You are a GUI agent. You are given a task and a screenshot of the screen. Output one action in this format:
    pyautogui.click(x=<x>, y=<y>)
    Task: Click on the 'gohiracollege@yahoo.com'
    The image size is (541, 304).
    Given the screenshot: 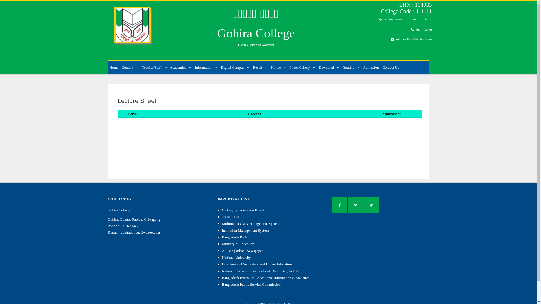 What is the action you would take?
    pyautogui.click(x=140, y=232)
    